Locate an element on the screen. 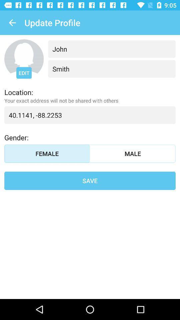 The image size is (180, 320). edit profile picture is located at coordinates (24, 59).